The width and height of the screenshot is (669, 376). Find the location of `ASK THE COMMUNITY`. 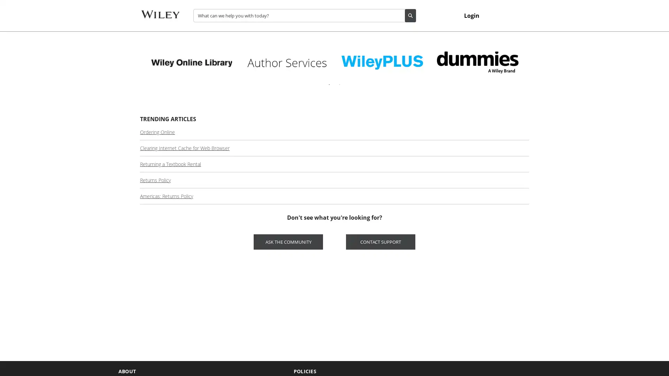

ASK THE COMMUNITY is located at coordinates (288, 241).